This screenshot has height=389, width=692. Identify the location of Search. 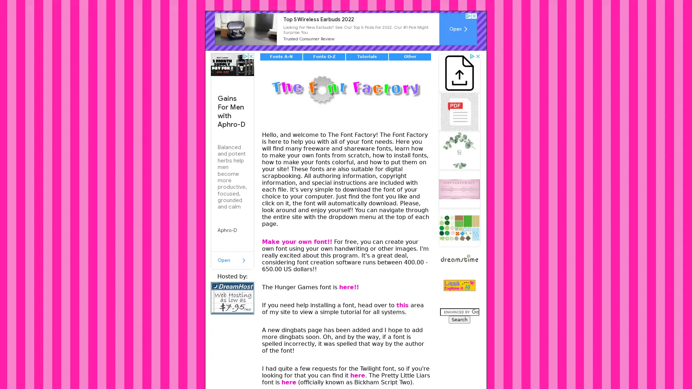
(459, 319).